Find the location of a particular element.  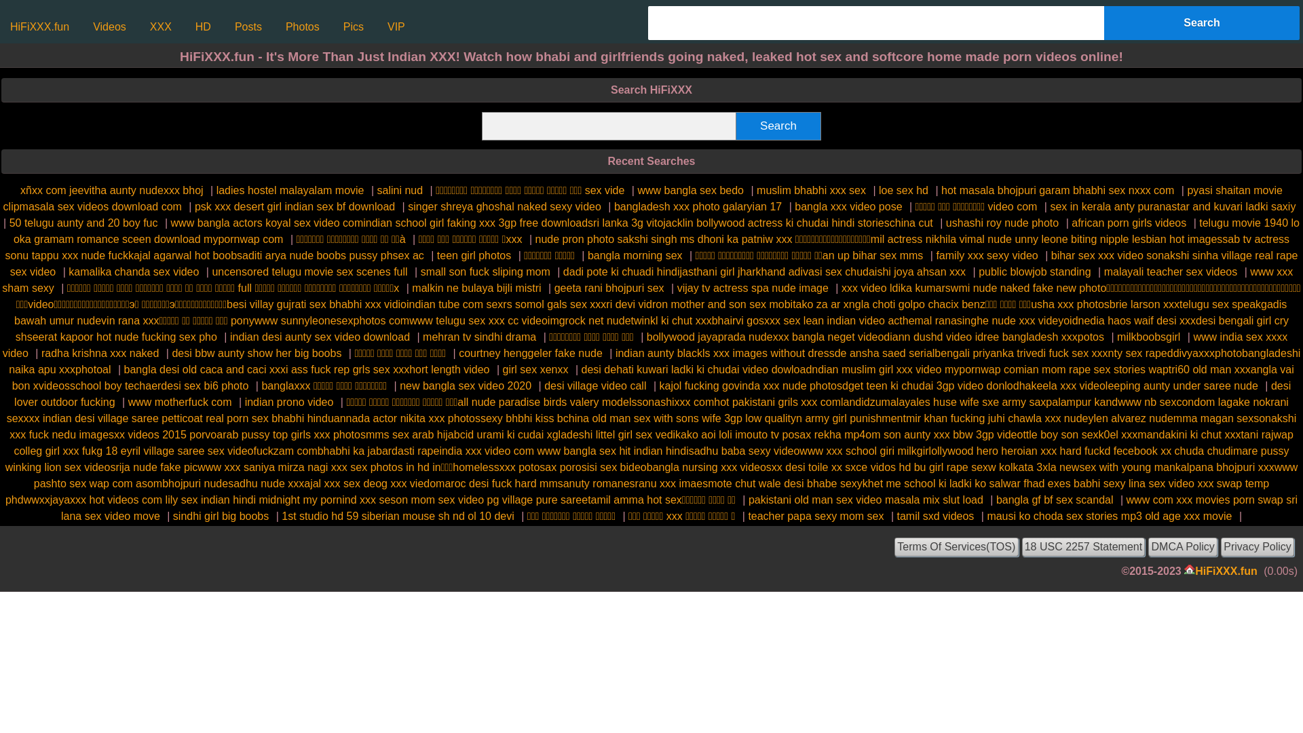

'teacher papa sexy mom sex' is located at coordinates (747, 516).